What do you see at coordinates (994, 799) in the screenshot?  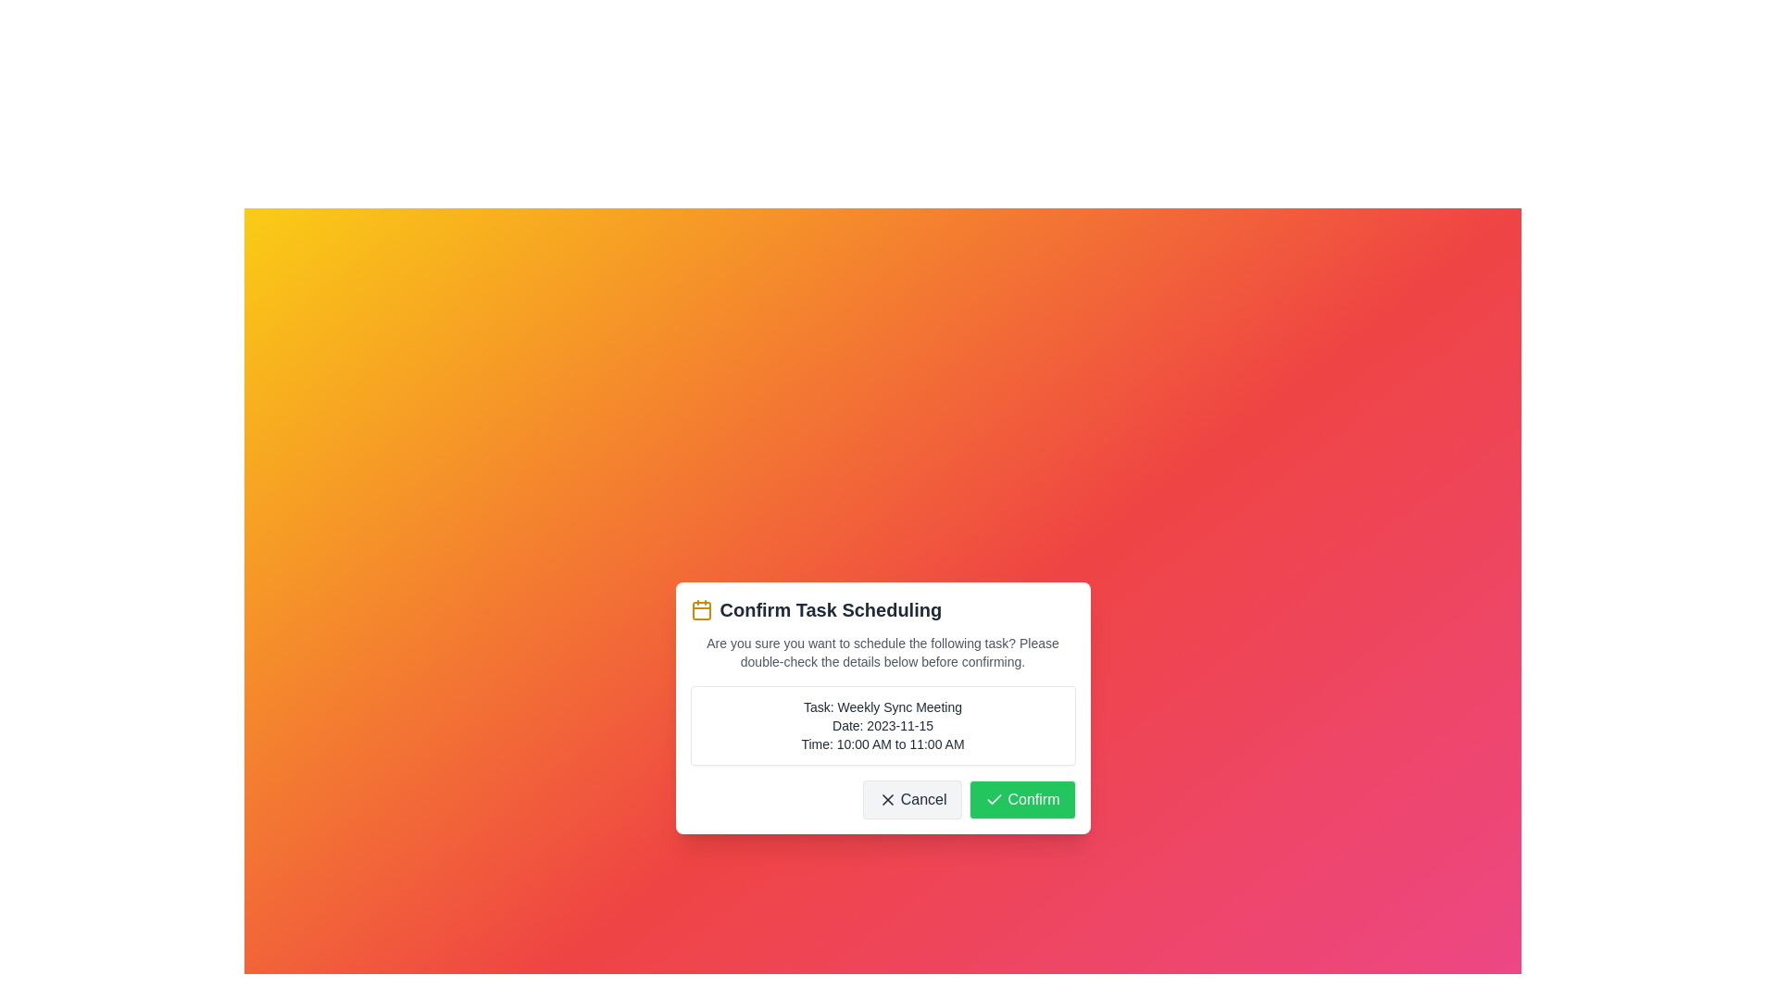 I see `the green 'Confirm' button that contains a checkmark icon` at bounding box center [994, 799].